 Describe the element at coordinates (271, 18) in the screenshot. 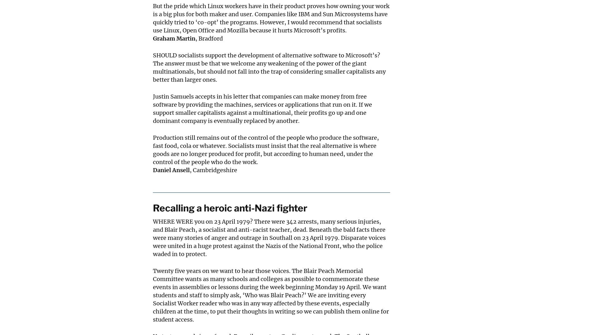

I see `'But the pride which Linux workers have in their product proves how owning your work is a big plus for both maker and user. Companies like IBM and Sun Microsystems have quickly tried to ‘co-opt’ the programs. However, I would recommend that socialists use Linux, Open Office and Mozilla because it hurts Microsoft’s profits.'` at that location.